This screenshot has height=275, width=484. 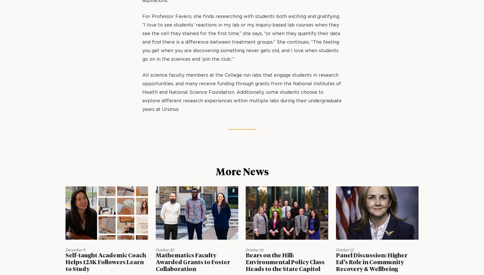 I want to click on 'Panel Discussion: Higher Ed’s Role in Community Recovery & Wellbeing', so click(x=371, y=262).